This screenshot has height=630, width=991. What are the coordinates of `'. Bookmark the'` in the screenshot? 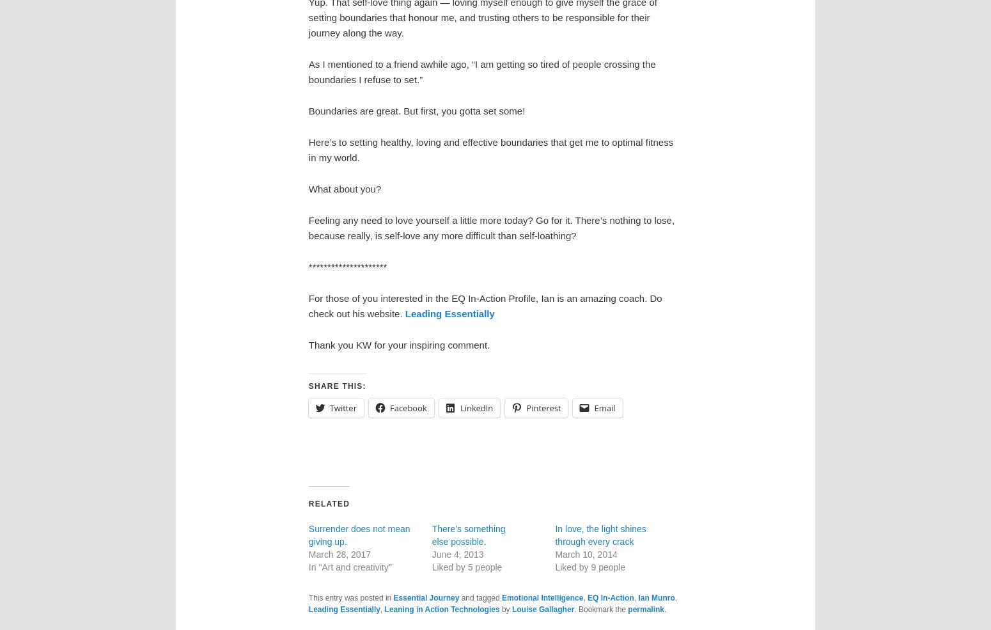 It's located at (600, 609).